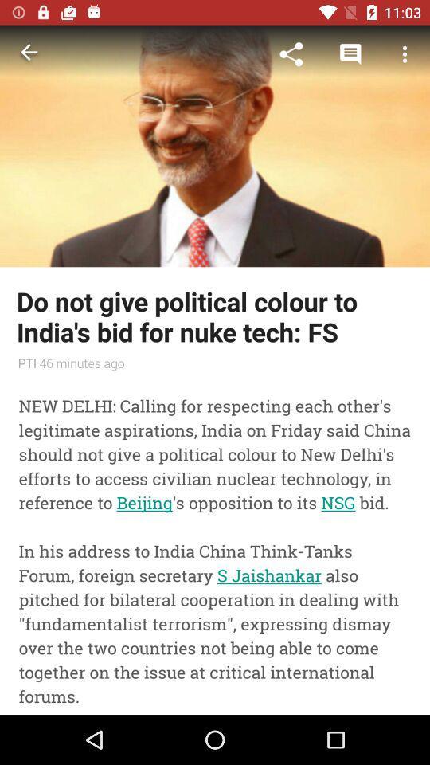 Image resolution: width=430 pixels, height=765 pixels. Describe the element at coordinates (215, 545) in the screenshot. I see `icon below pti 46 minutes item` at that location.